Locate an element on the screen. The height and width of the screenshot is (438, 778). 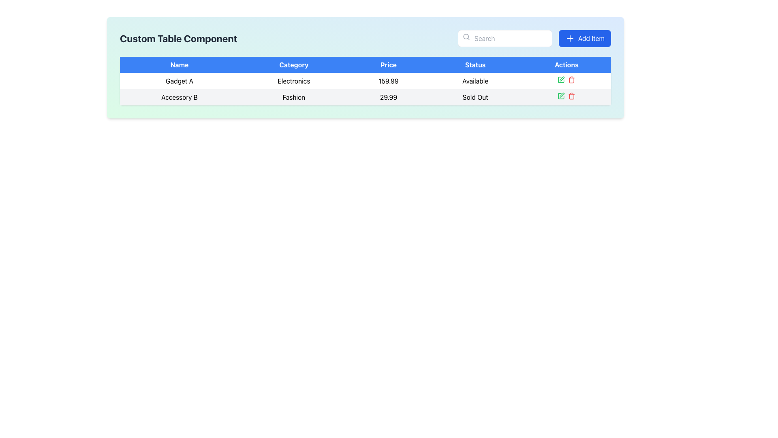
the 'Category' column header label, which is the second item in a row of headers, positioned between the 'Name' and 'Price' columns is located at coordinates (293, 64).